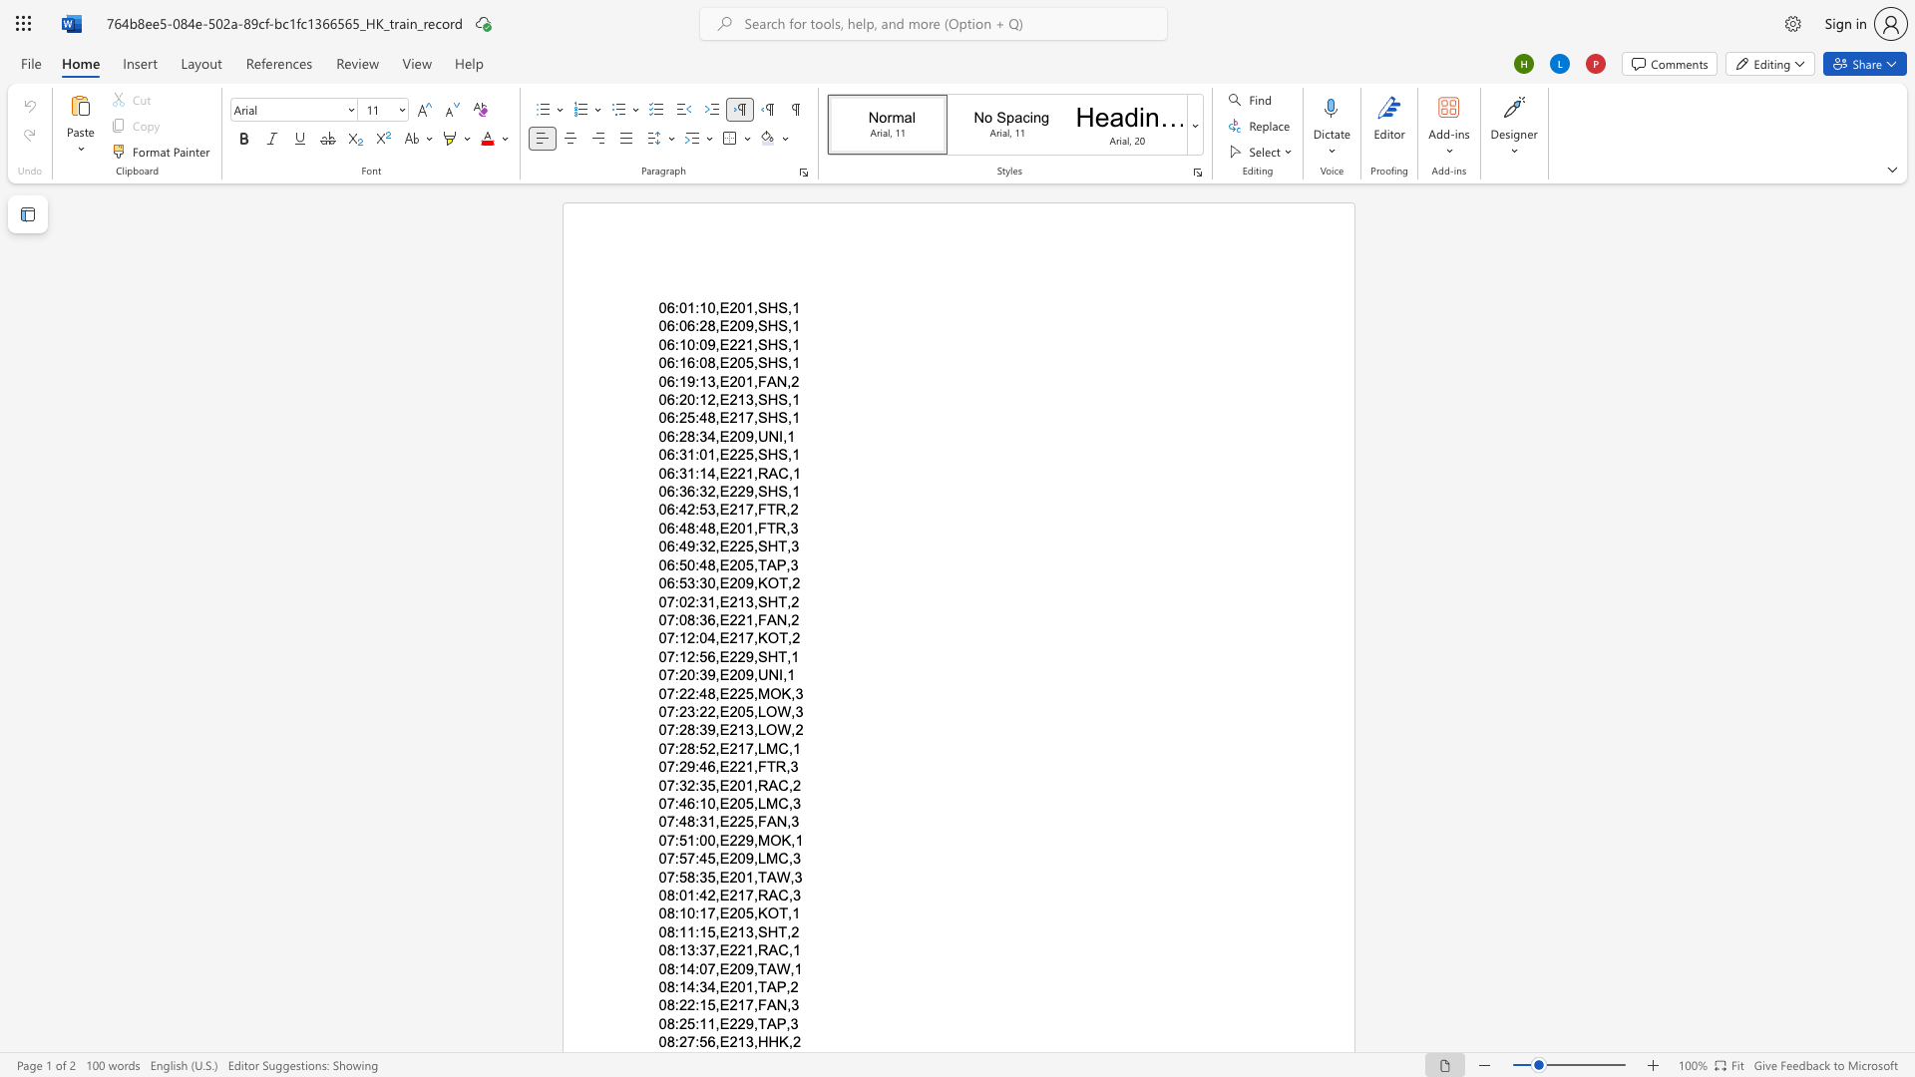  I want to click on the subset text "15,E217,FAN," within the text "08:22:15,E217,FAN,3", so click(699, 1005).